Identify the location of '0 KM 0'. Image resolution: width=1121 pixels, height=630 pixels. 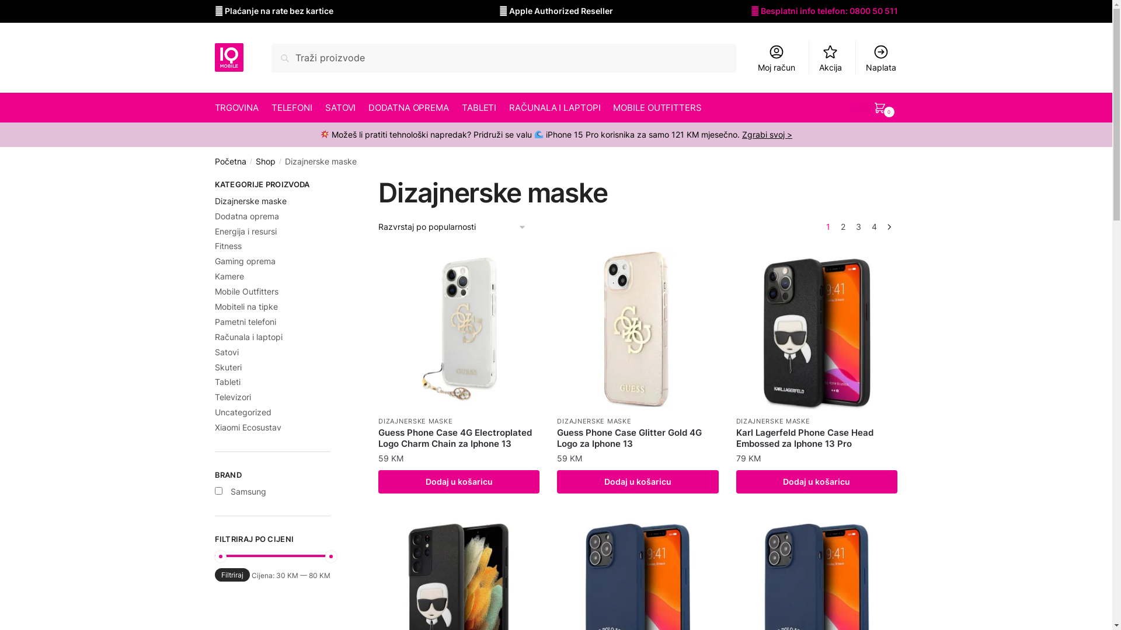
(874, 108).